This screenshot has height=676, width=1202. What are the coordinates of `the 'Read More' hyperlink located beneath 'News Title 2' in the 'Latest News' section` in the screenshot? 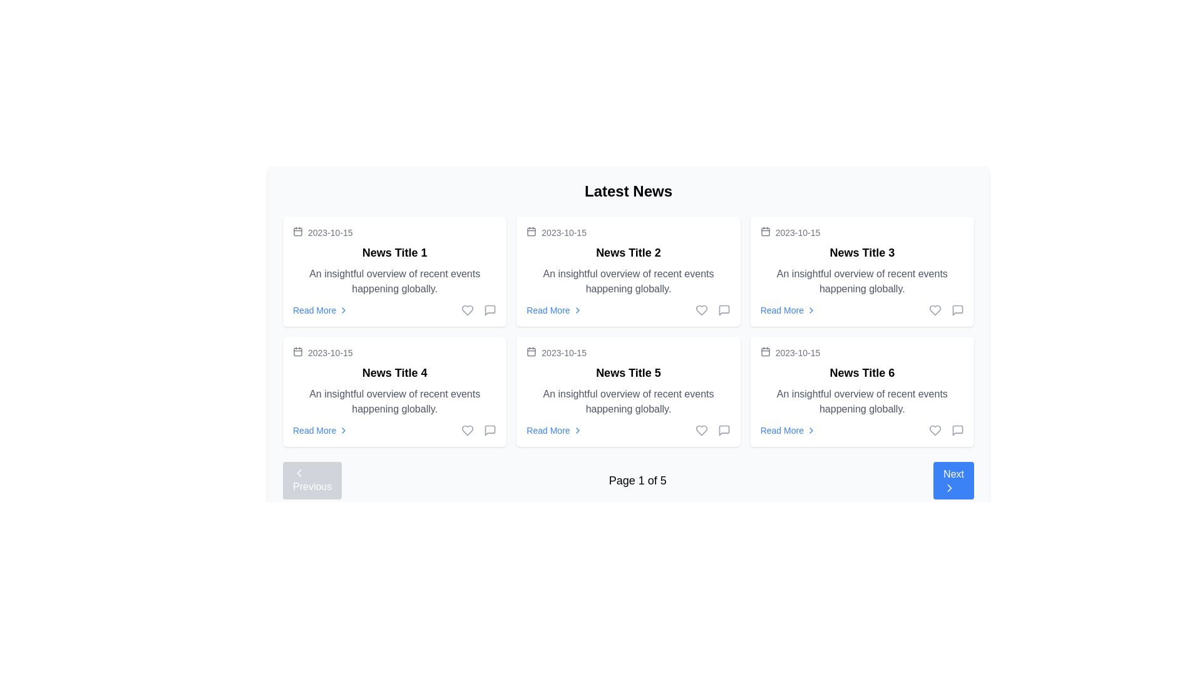 It's located at (553, 310).